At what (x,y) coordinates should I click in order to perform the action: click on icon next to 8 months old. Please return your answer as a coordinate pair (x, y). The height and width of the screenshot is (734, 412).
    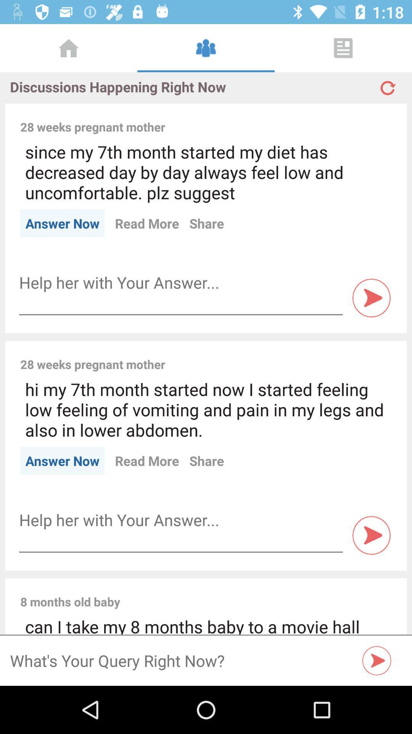
    Looking at the image, I should click on (261, 593).